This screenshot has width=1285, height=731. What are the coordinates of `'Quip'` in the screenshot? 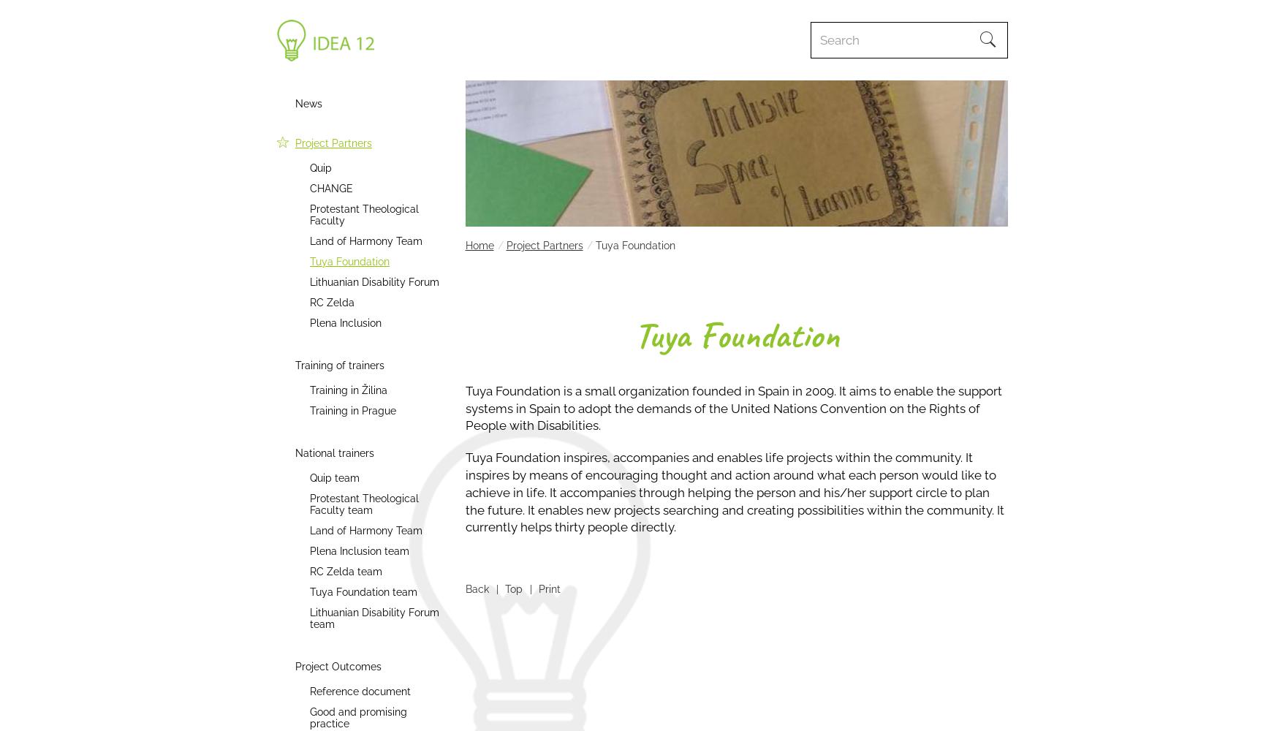 It's located at (320, 167).